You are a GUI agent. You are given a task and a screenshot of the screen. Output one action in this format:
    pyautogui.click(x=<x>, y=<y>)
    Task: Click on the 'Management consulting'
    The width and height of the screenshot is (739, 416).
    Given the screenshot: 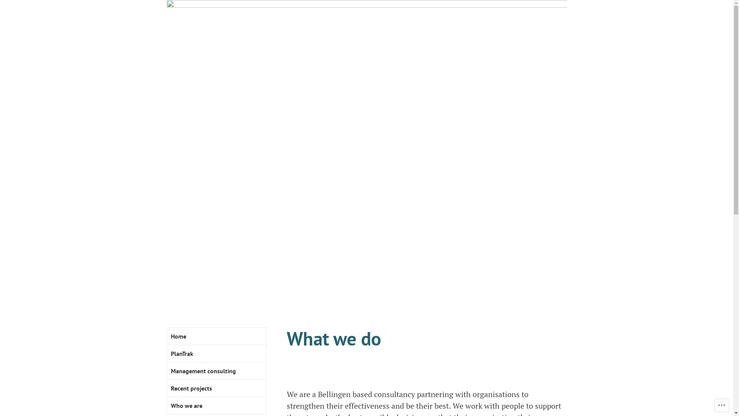 What is the action you would take?
    pyautogui.click(x=166, y=371)
    